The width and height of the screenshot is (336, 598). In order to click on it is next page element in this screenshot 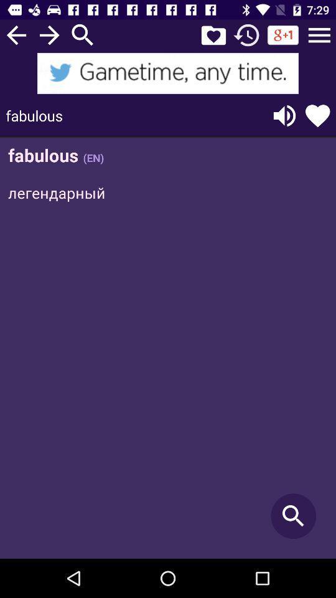, I will do `click(49, 34)`.